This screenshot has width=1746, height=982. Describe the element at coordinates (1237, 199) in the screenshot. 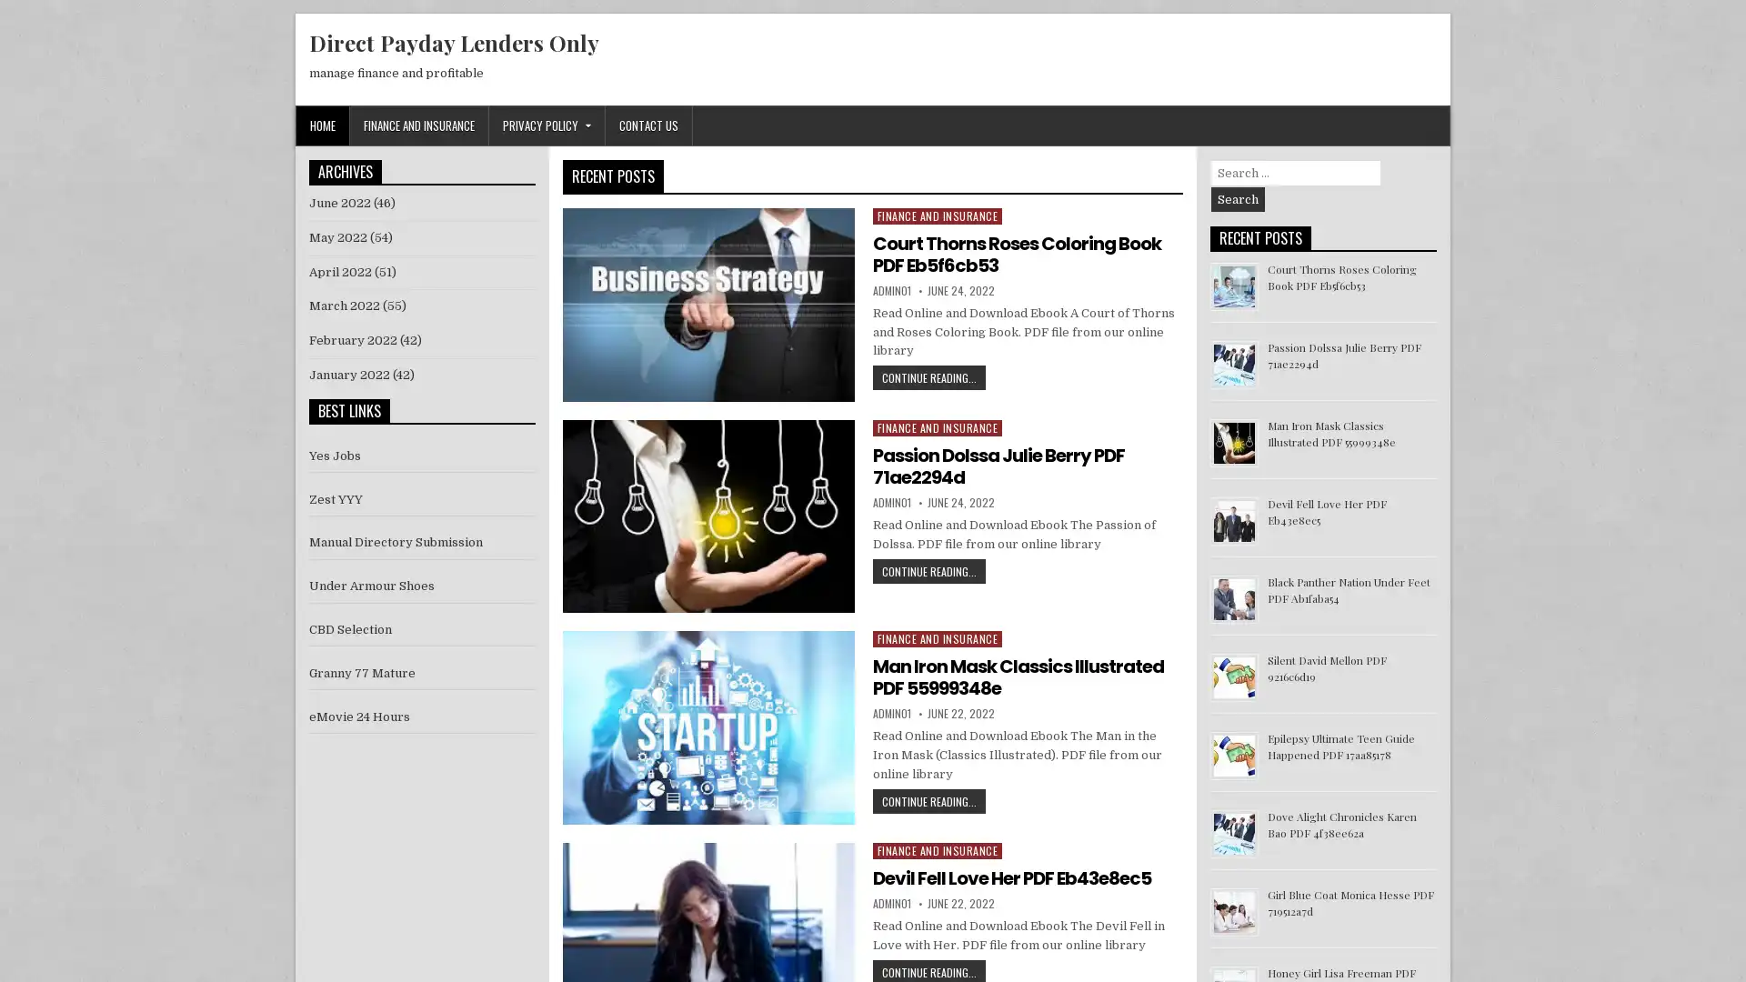

I see `Search` at that location.